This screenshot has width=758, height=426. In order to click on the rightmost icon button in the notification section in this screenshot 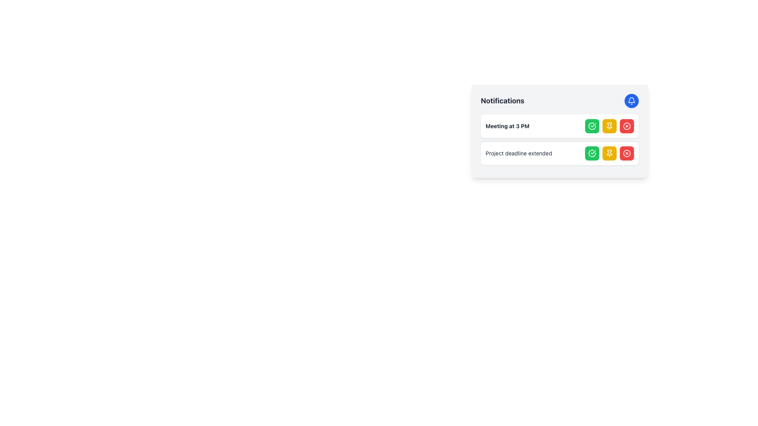, I will do `click(627, 153)`.